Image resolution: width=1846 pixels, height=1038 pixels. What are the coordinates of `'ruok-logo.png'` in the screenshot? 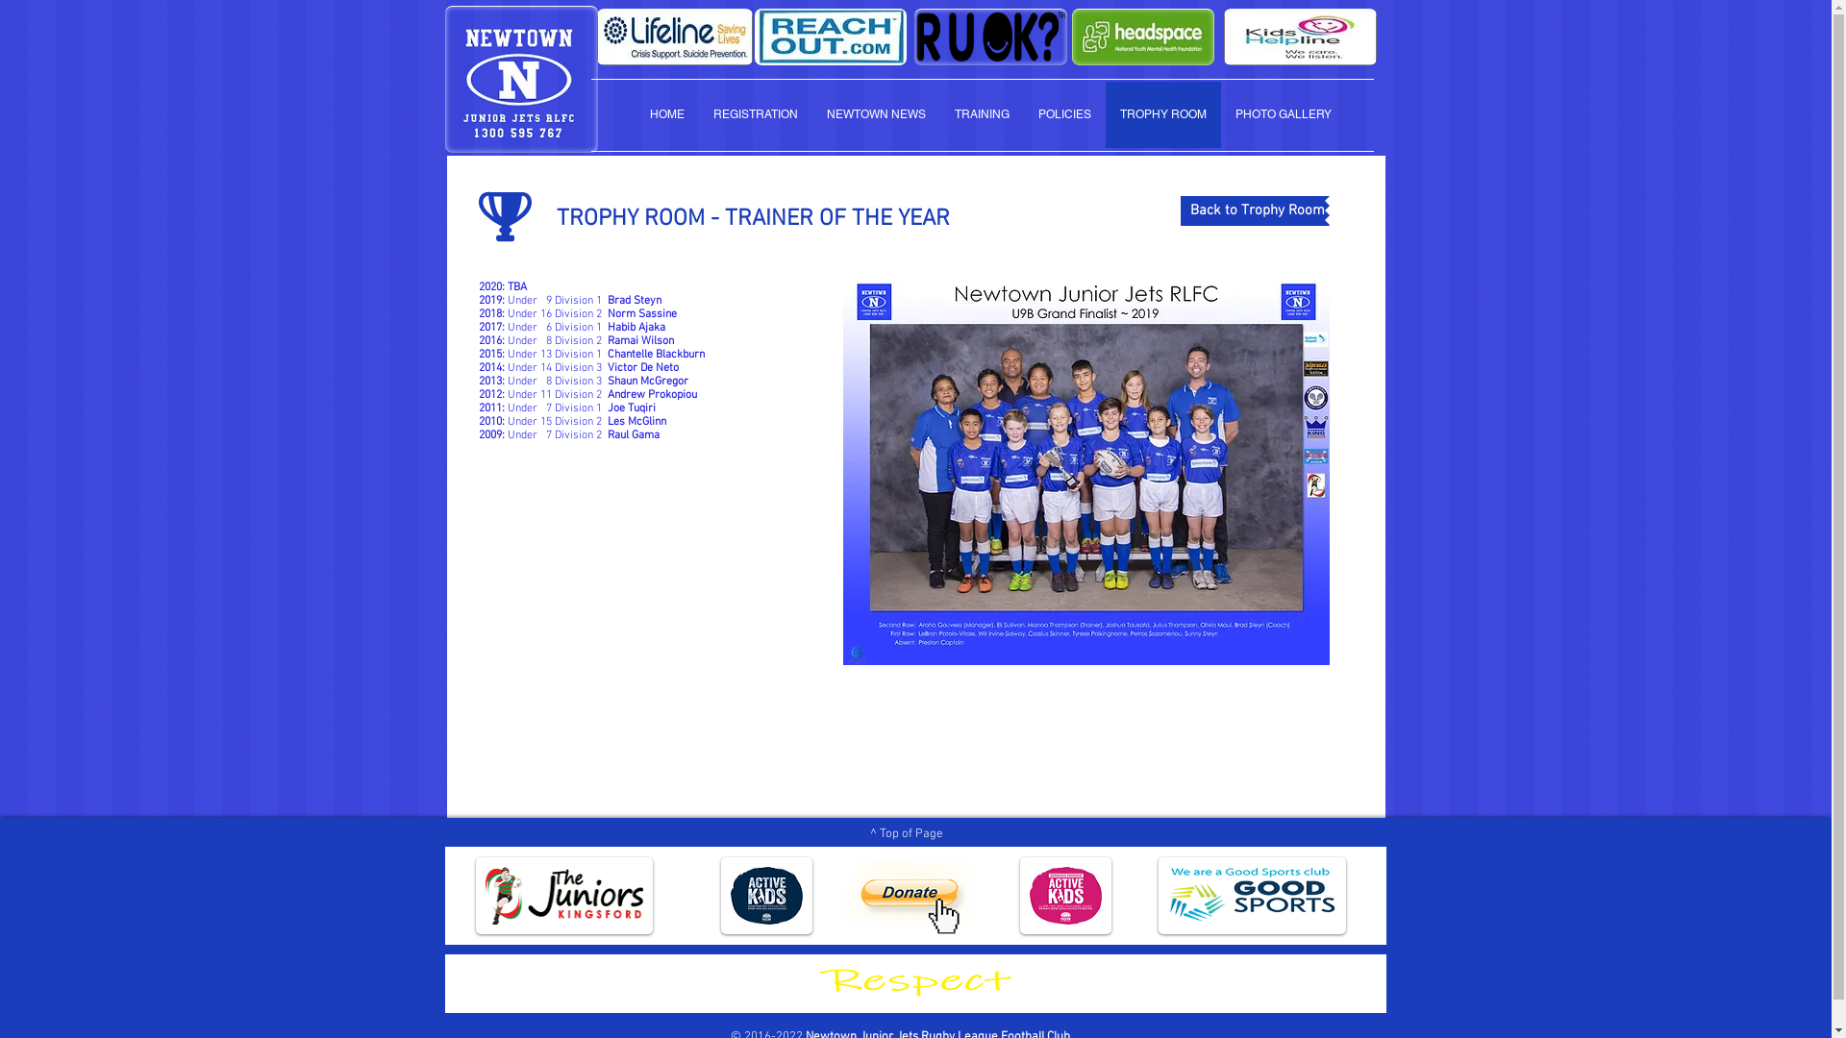 It's located at (989, 37).